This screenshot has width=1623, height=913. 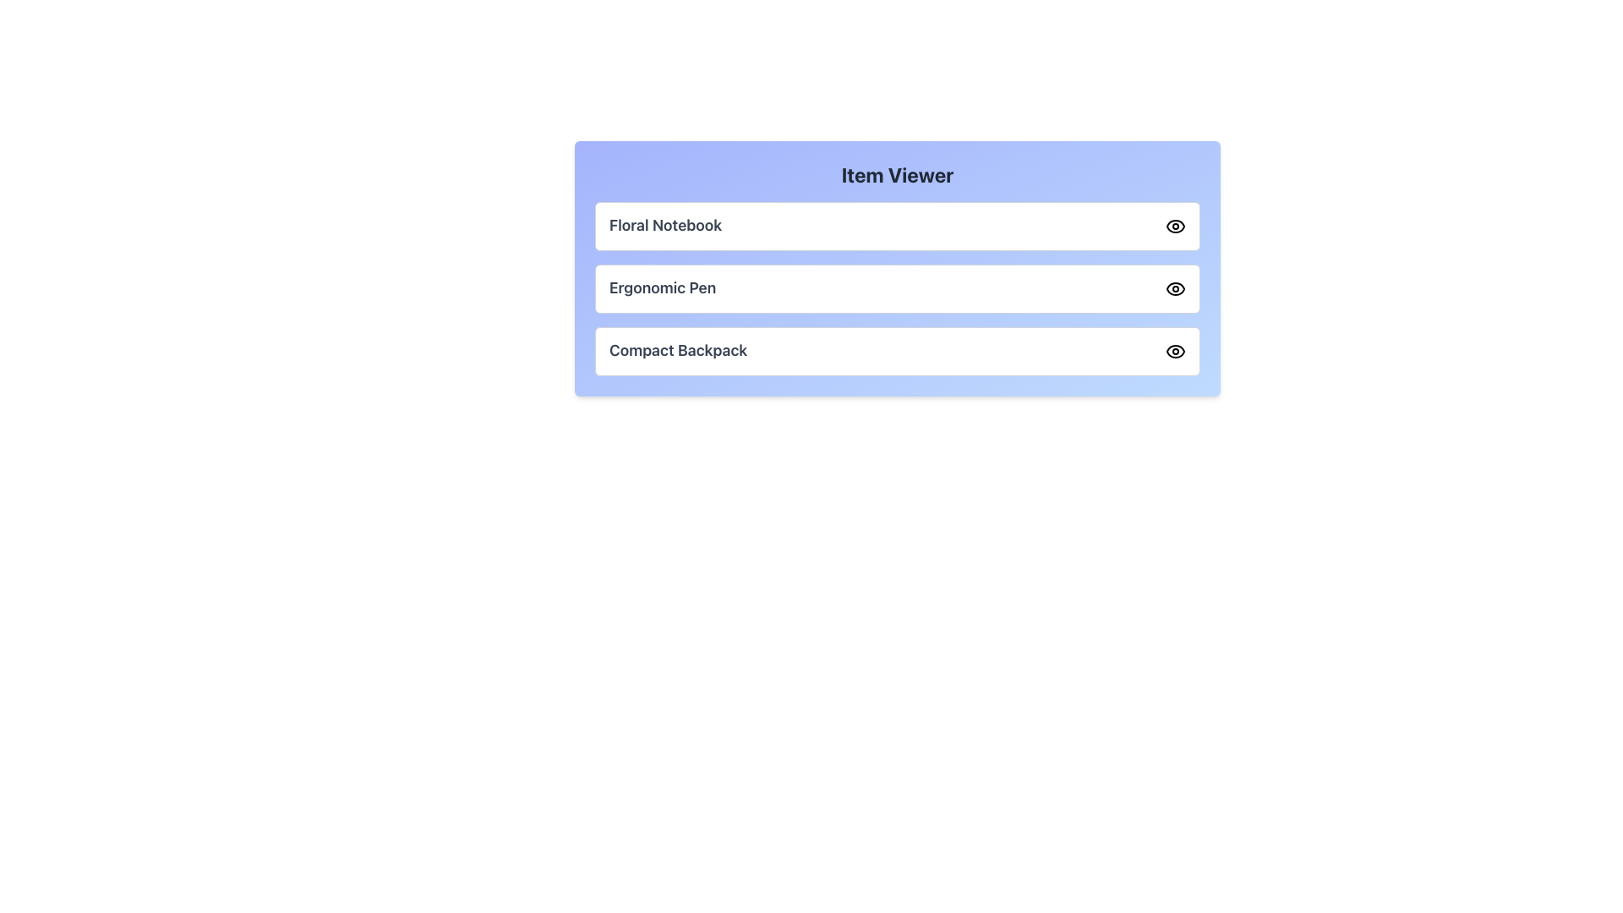 I want to click on the button located at the right end of the 'Compact Backpack' item, so click(x=1175, y=351).